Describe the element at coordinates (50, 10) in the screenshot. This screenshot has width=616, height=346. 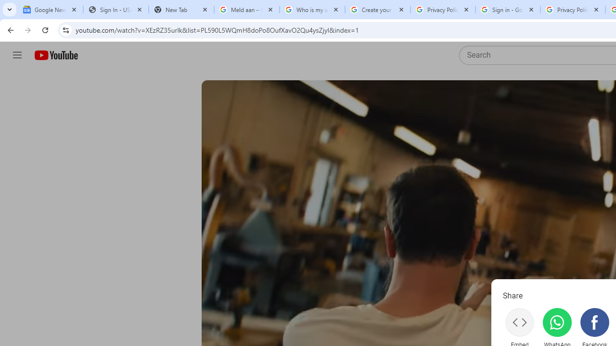
I see `'Google News'` at that location.